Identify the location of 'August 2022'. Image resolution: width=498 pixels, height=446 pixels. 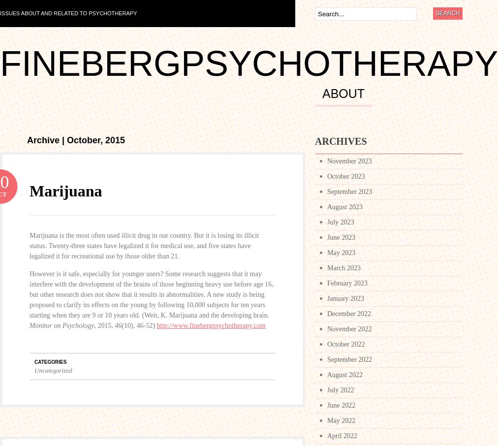
(344, 374).